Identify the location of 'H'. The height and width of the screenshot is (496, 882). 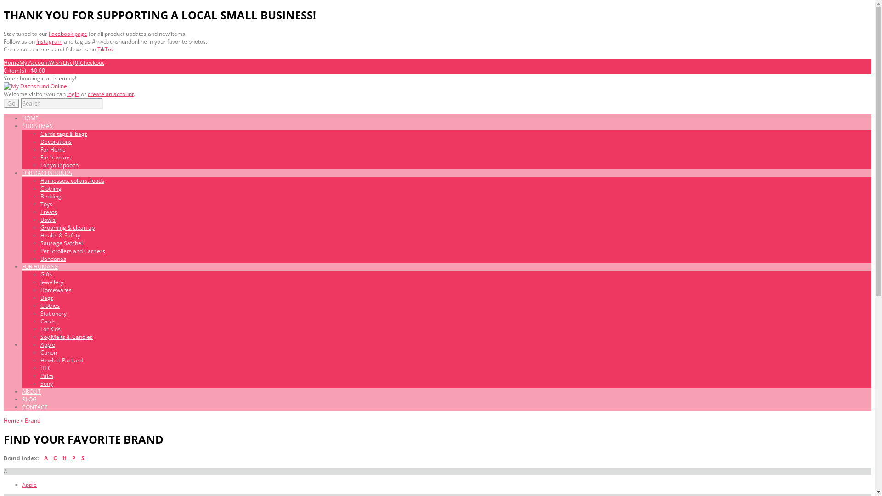
(62, 458).